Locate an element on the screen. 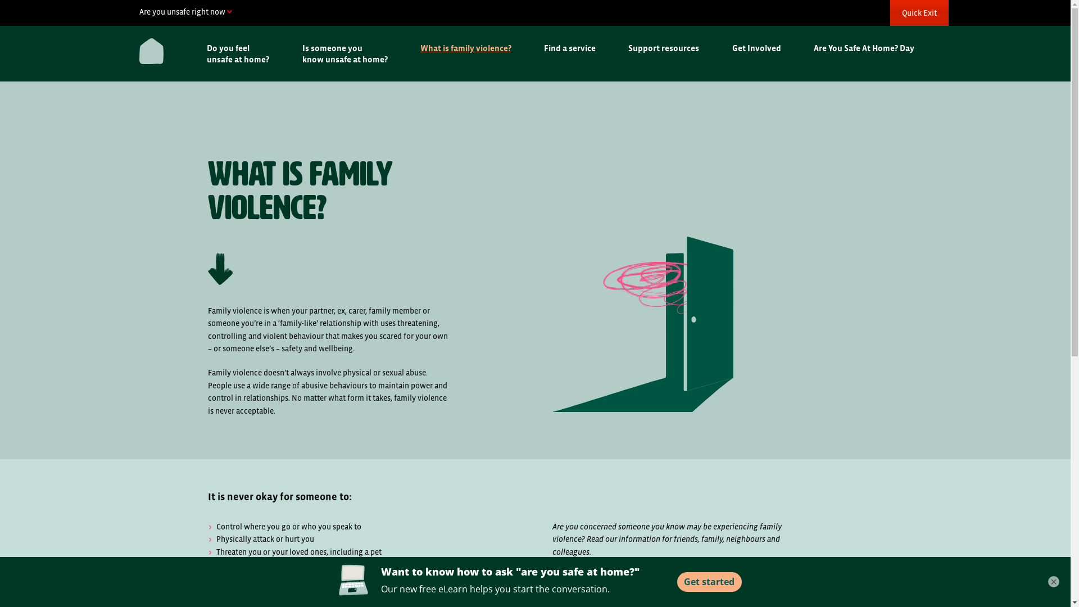  'Support resources' is located at coordinates (669, 47).